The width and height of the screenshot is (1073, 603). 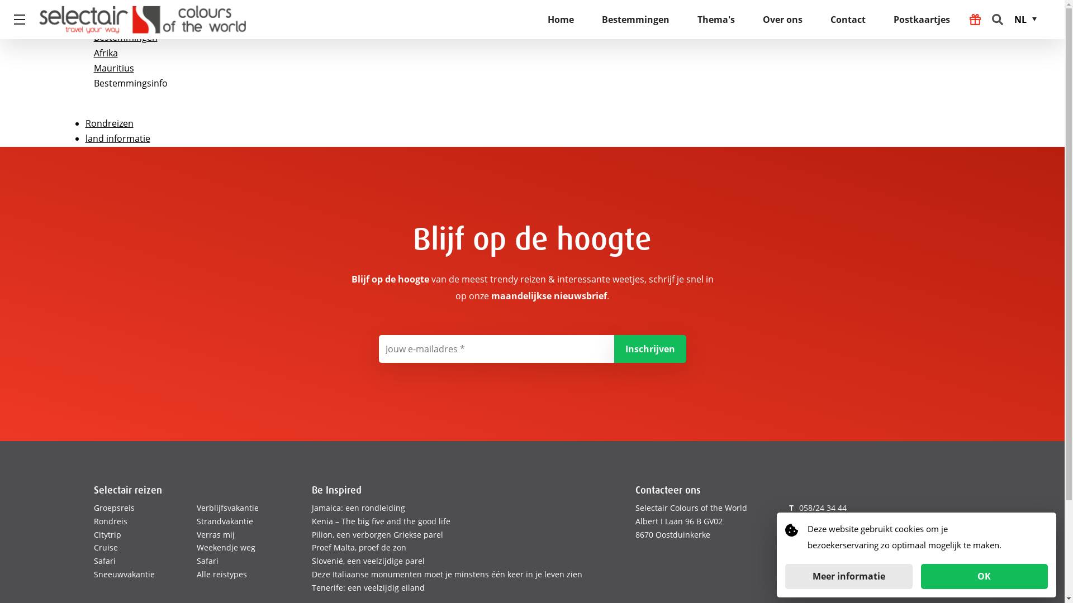 I want to click on 'Home', so click(x=107, y=22).